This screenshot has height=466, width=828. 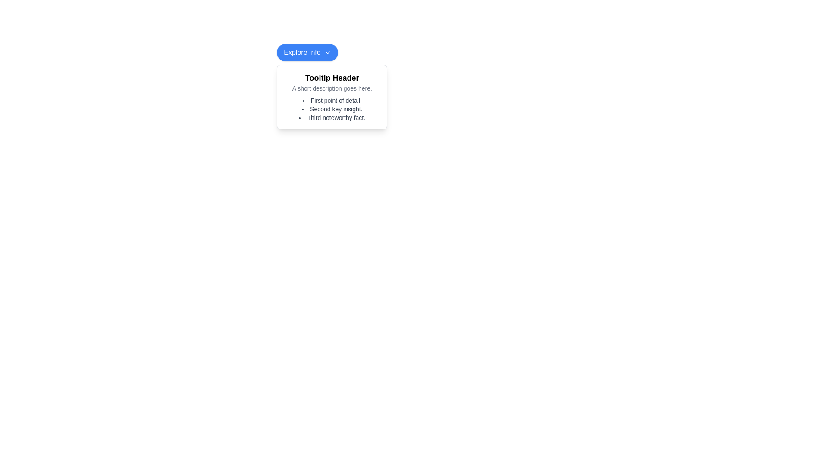 I want to click on header text located at the top of the card-like panel, which serves as a brief indication of the content or purpose of the tooltip, so click(x=332, y=78).